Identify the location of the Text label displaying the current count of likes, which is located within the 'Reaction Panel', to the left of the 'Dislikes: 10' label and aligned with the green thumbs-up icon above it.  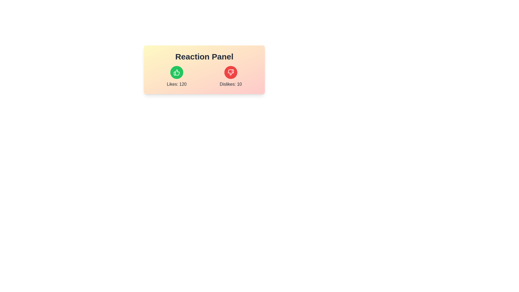
(177, 77).